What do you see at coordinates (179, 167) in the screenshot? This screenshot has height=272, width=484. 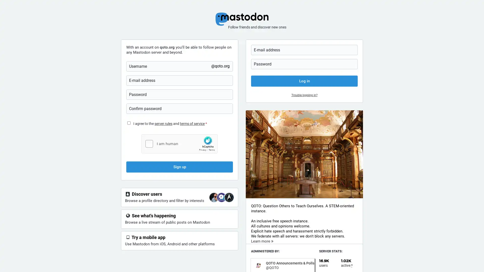 I see `Sign up` at bounding box center [179, 167].